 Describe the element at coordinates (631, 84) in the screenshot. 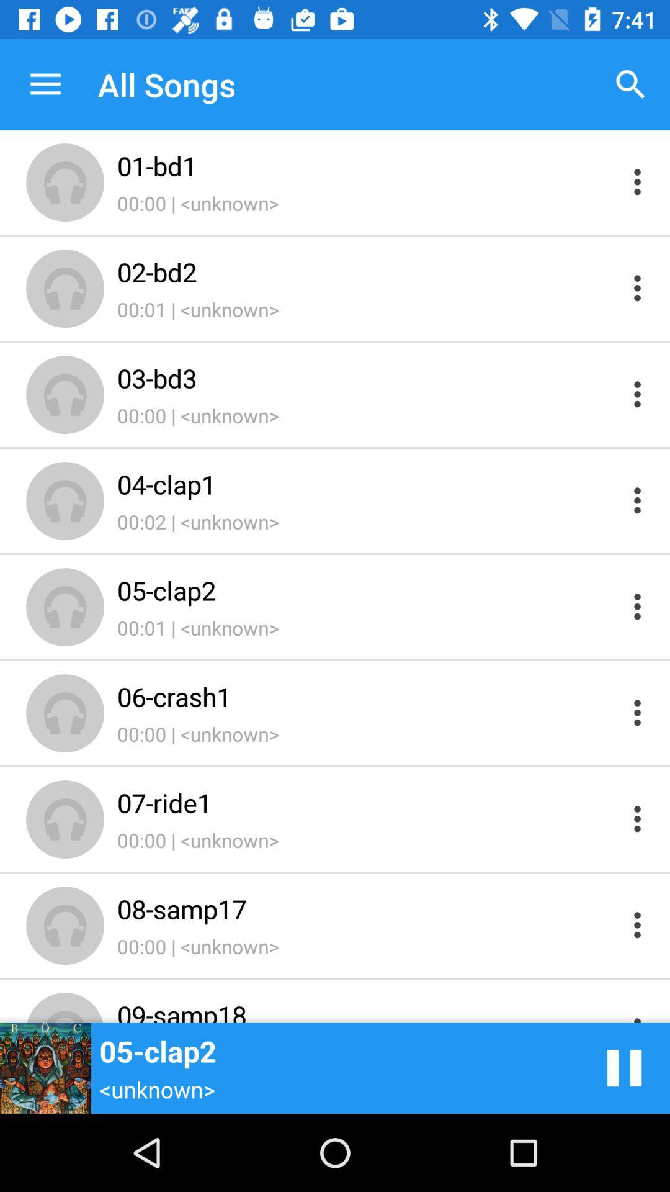

I see `icon to the right of all songs icon` at that location.